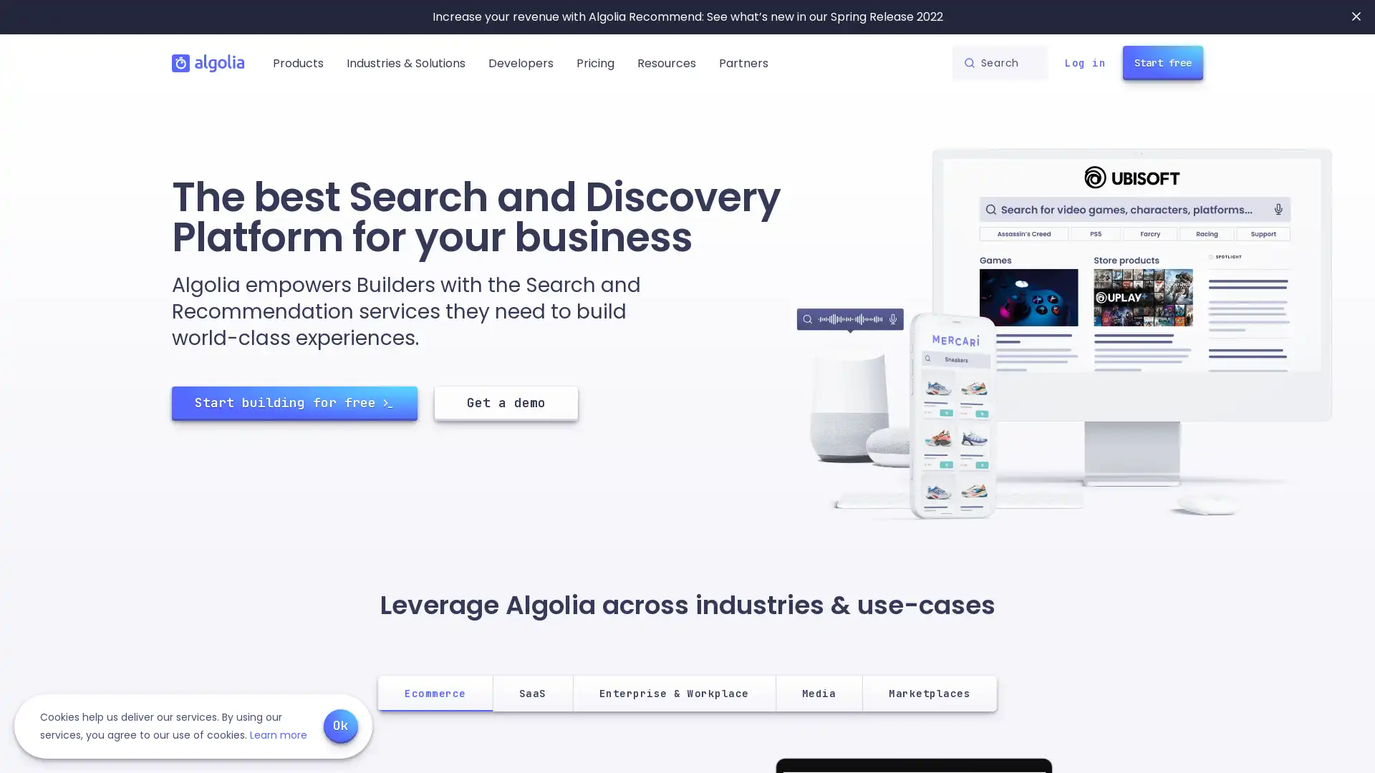 This screenshot has width=1375, height=773. What do you see at coordinates (601, 62) in the screenshot?
I see `Pricing` at bounding box center [601, 62].